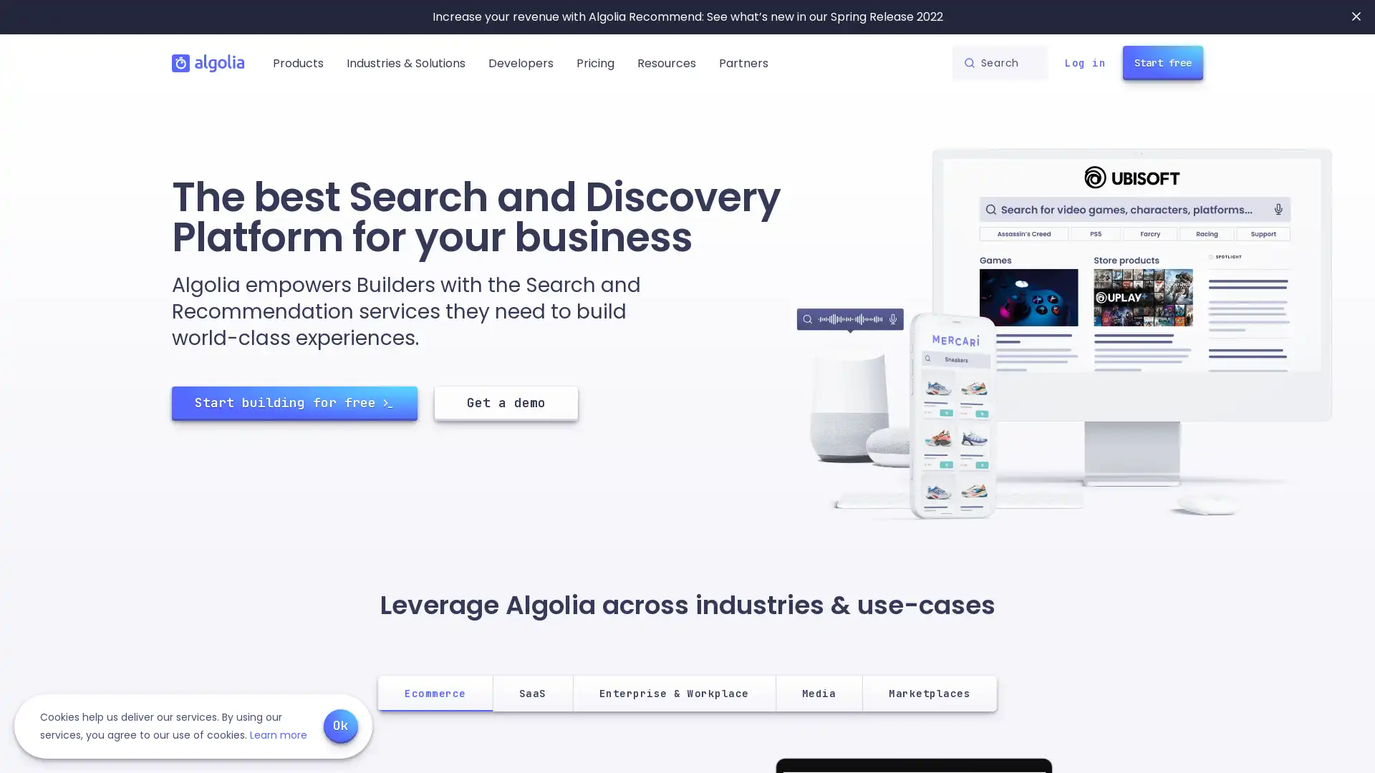 This screenshot has width=1375, height=773. What do you see at coordinates (601, 62) in the screenshot?
I see `Pricing` at bounding box center [601, 62].